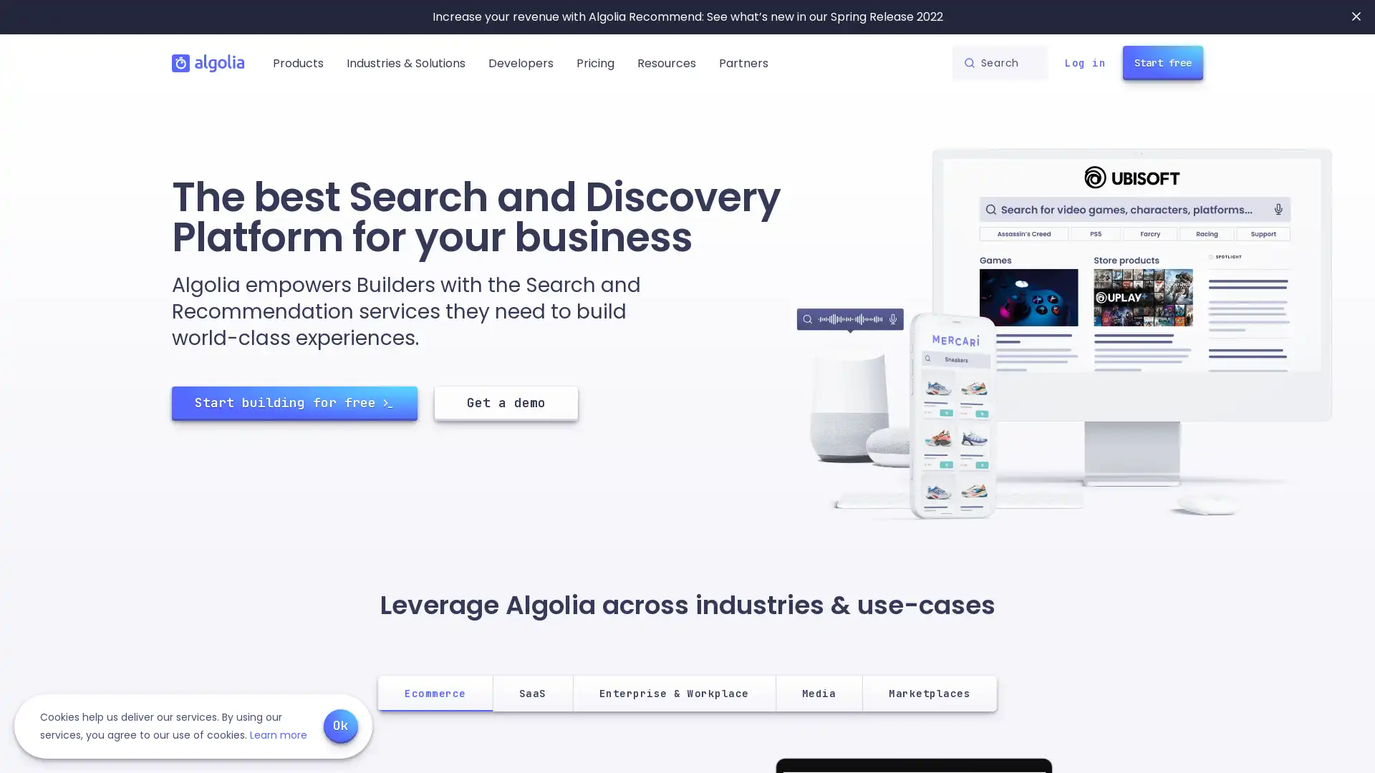 This screenshot has width=1375, height=773. What do you see at coordinates (601, 62) in the screenshot?
I see `Pricing` at bounding box center [601, 62].